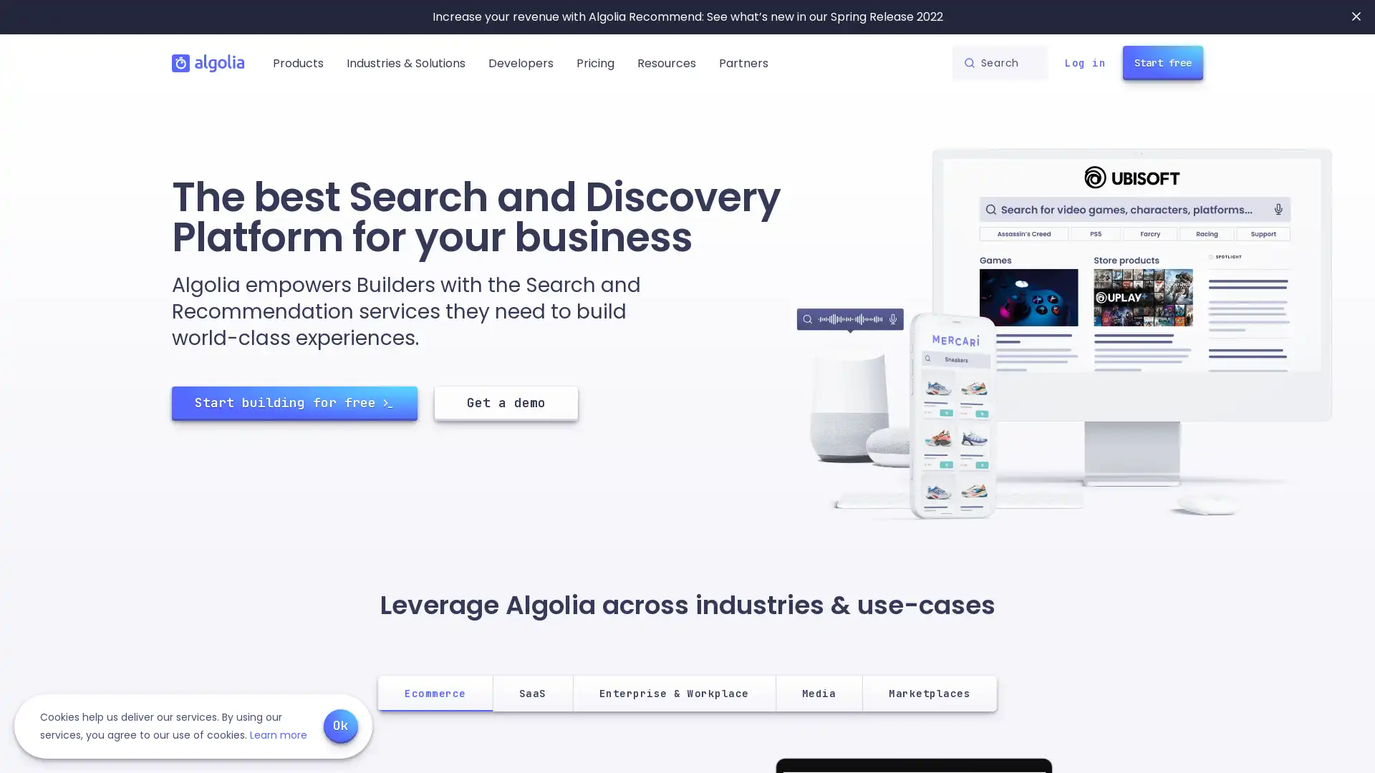 This screenshot has width=1375, height=773. What do you see at coordinates (601, 62) in the screenshot?
I see `Pricing` at bounding box center [601, 62].